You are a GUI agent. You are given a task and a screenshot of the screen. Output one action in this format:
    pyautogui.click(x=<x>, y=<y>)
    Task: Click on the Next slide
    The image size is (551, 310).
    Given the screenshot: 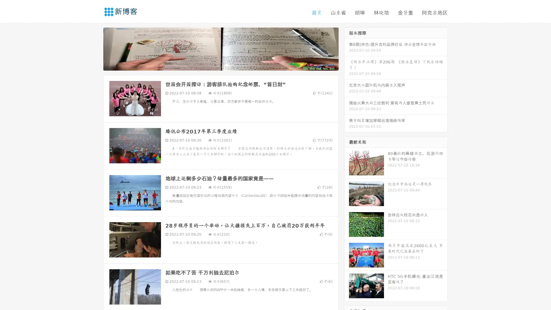 What is the action you would take?
    pyautogui.click(x=347, y=48)
    